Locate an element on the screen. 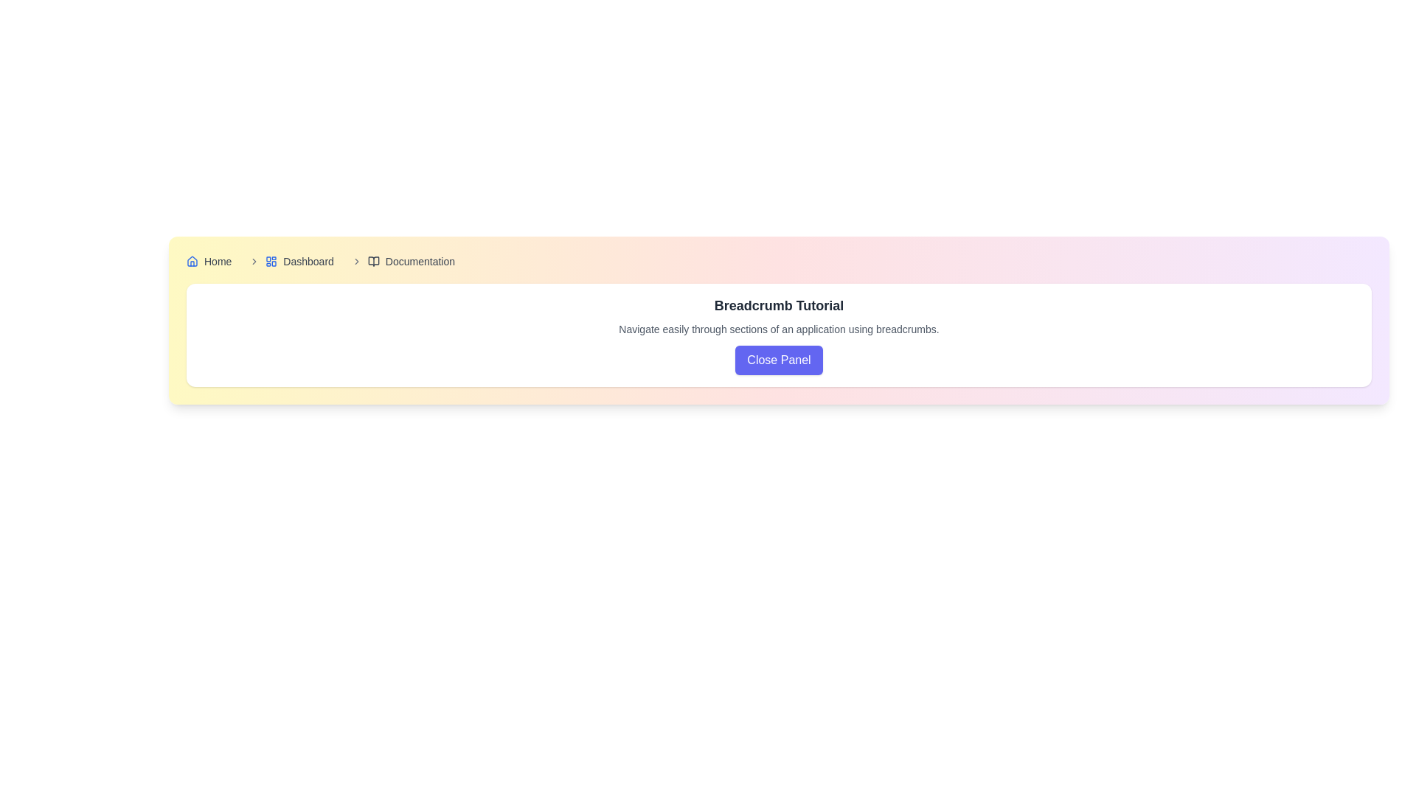 This screenshot has height=796, width=1416. the 'Home' text label located in the breadcrumb navigation bar at the top-left corner of the page is located at coordinates (217, 260).